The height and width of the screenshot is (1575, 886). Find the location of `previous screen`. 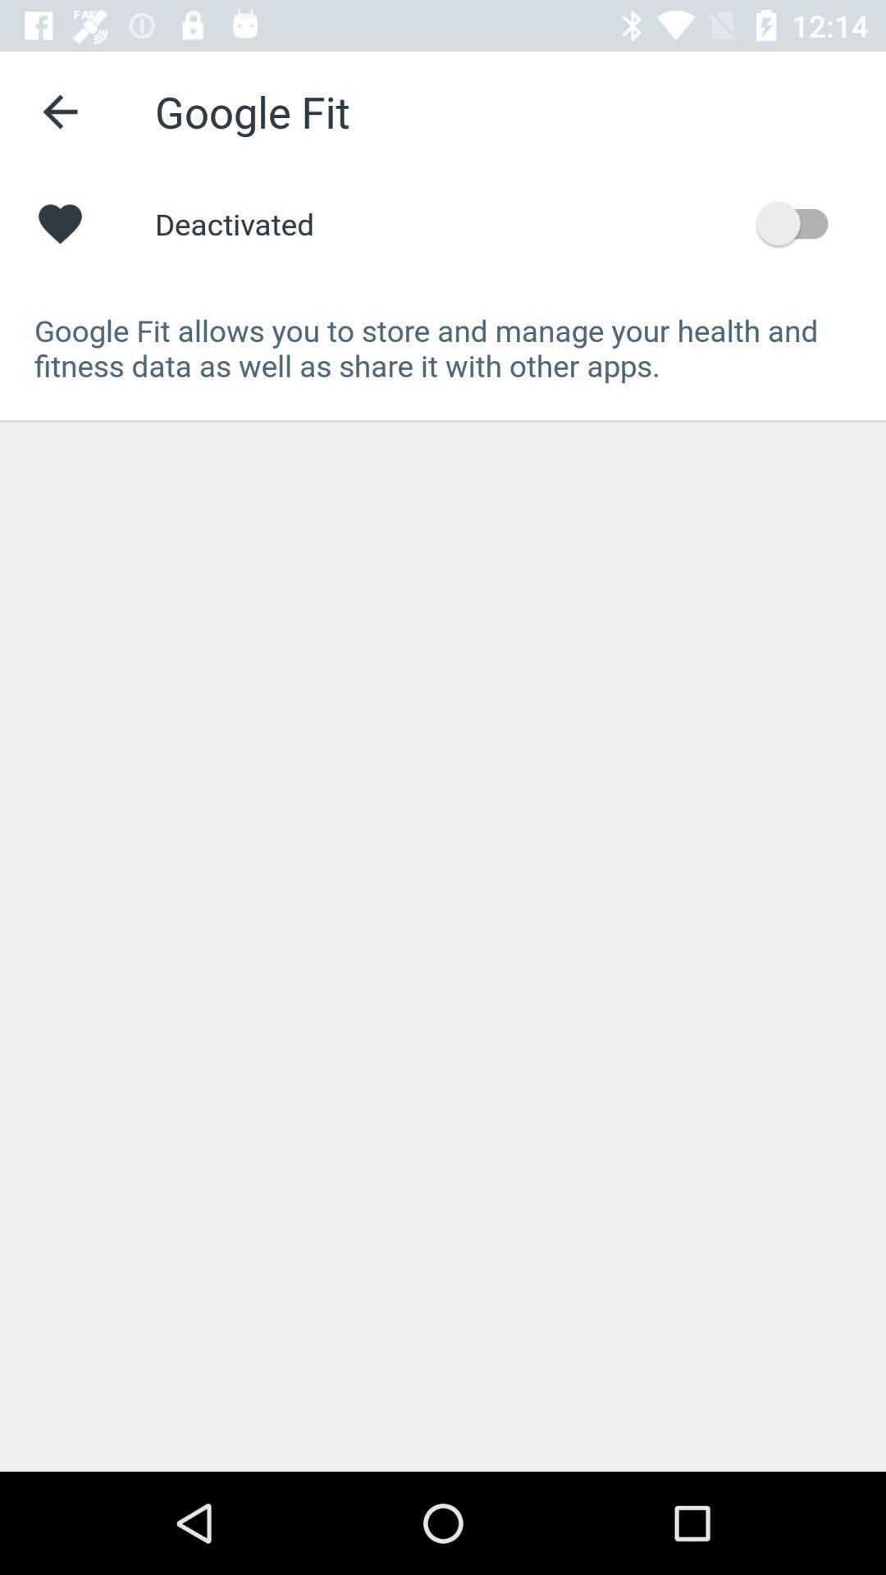

previous screen is located at coordinates (59, 111).